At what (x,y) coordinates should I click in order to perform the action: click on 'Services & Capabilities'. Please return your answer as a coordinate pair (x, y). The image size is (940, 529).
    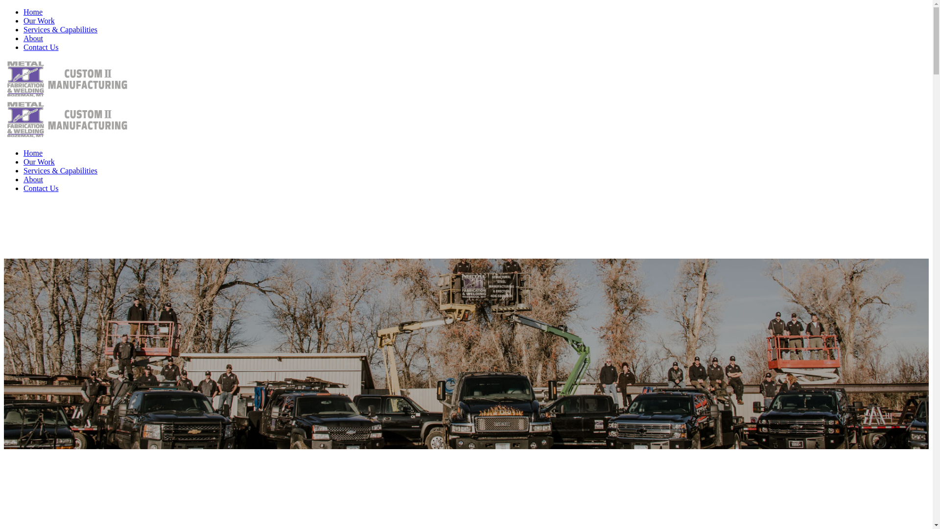
    Looking at the image, I should click on (60, 170).